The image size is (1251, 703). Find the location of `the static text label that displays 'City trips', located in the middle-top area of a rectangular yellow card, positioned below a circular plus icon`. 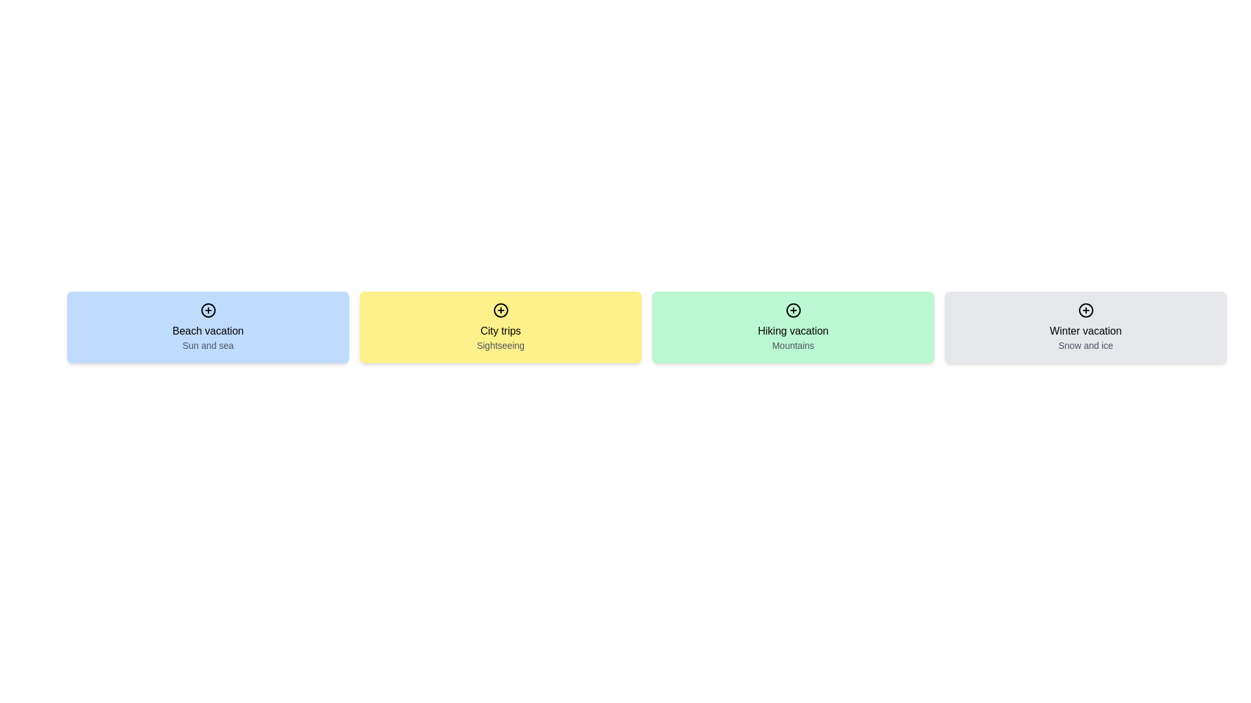

the static text label that displays 'City trips', located in the middle-top area of a rectangular yellow card, positioned below a circular plus icon is located at coordinates (500, 331).